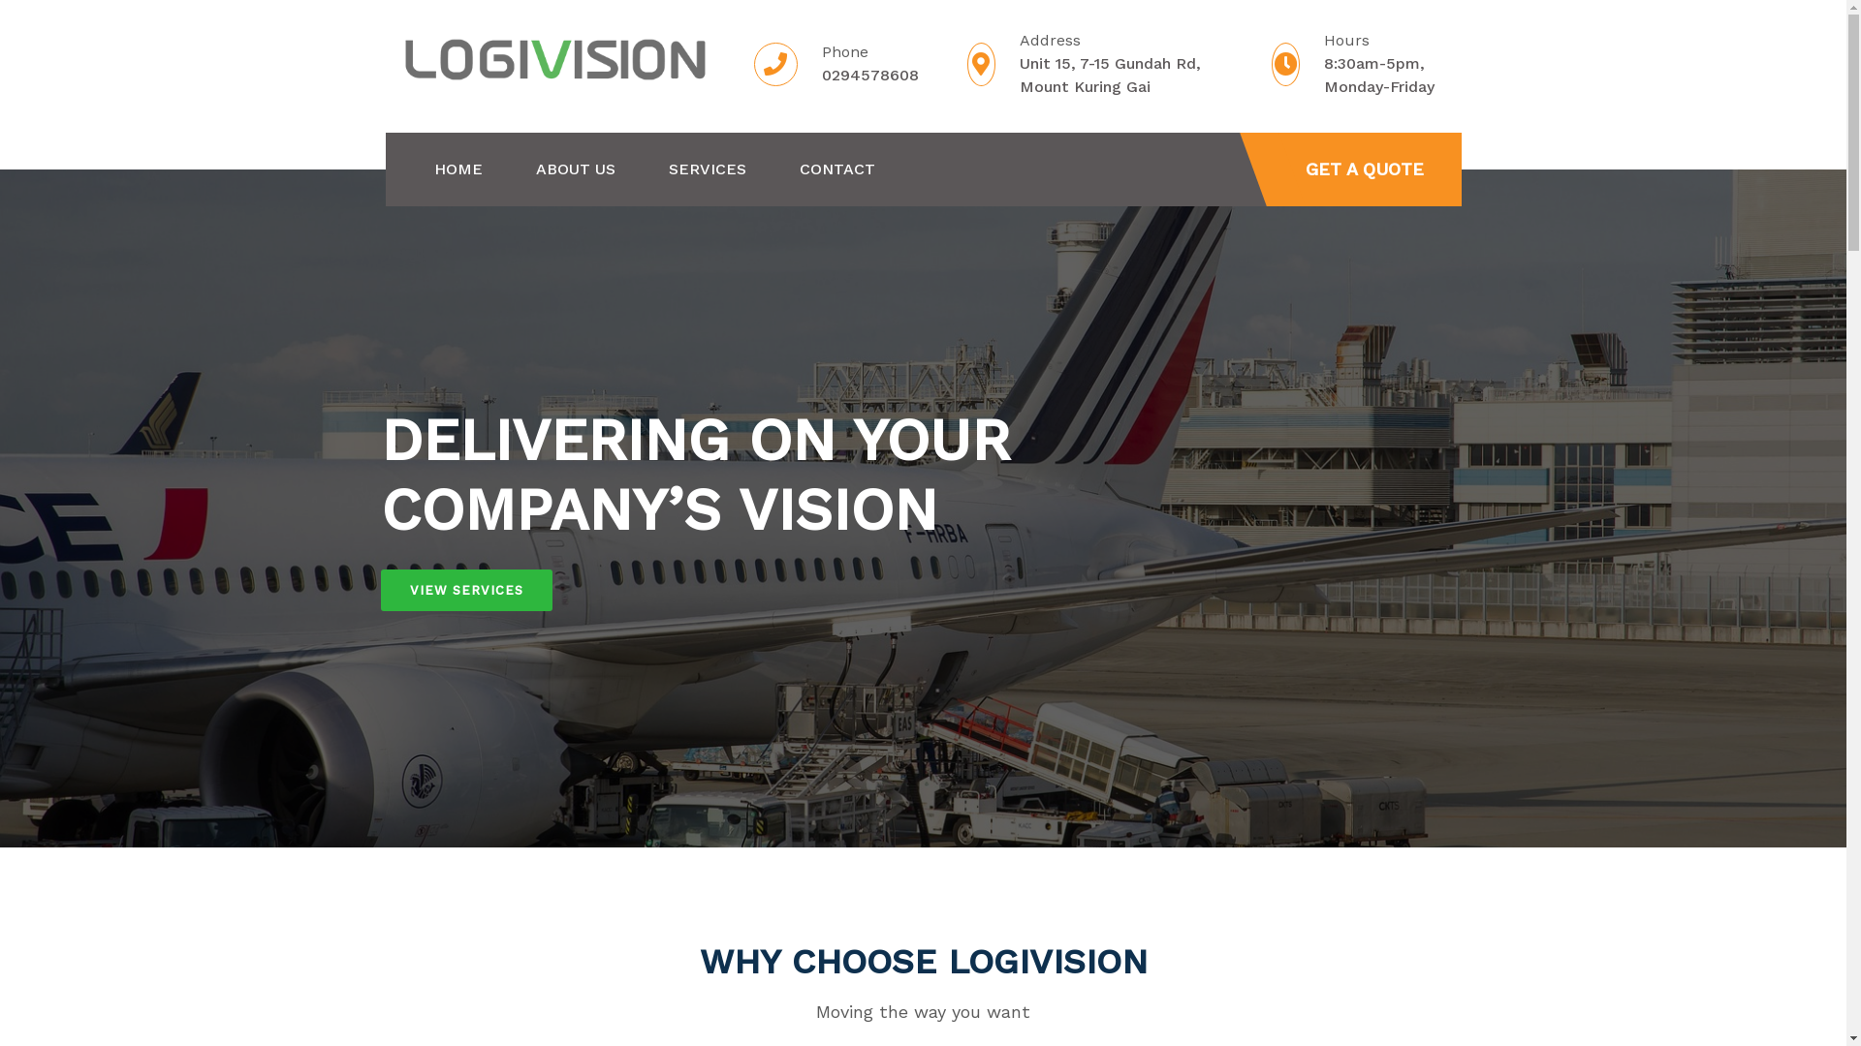  I want to click on 'GET A QUOTE', so click(1363, 168).